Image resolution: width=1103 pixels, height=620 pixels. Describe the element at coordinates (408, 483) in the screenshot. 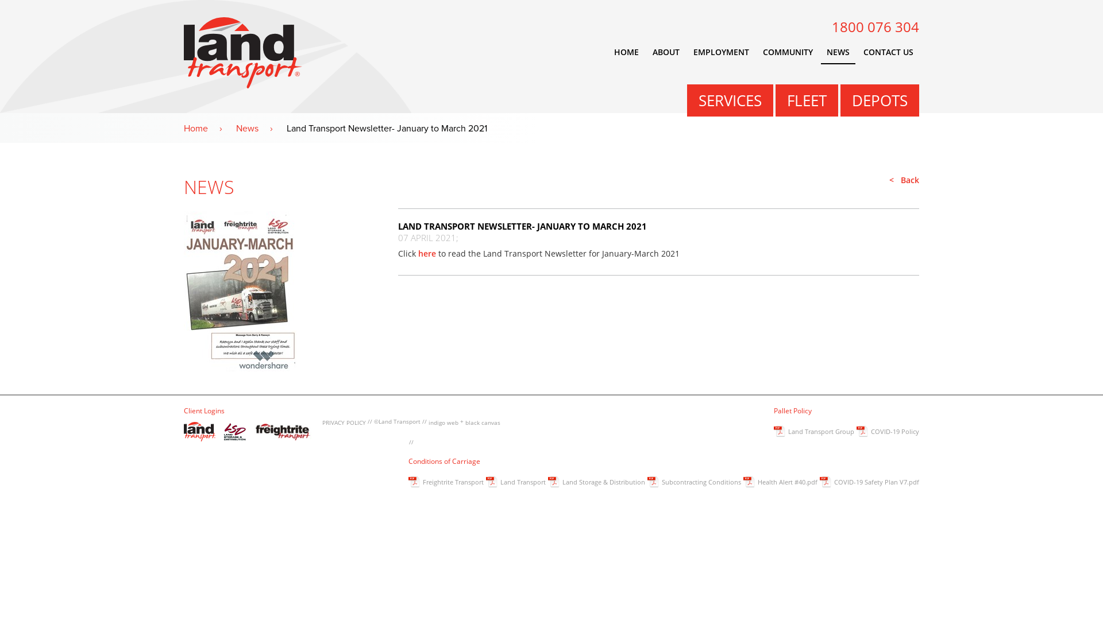

I see `'Freightrite Transport'` at that location.